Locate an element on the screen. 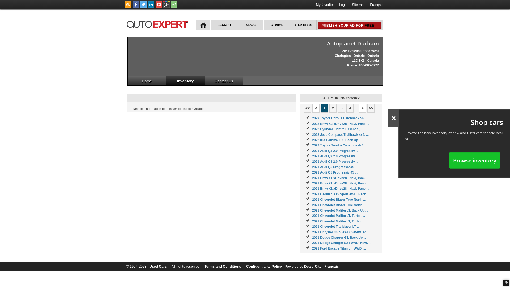 The image size is (510, 287). '2023 Toyota Corolla Hatchback SE, ...' is located at coordinates (340, 118).